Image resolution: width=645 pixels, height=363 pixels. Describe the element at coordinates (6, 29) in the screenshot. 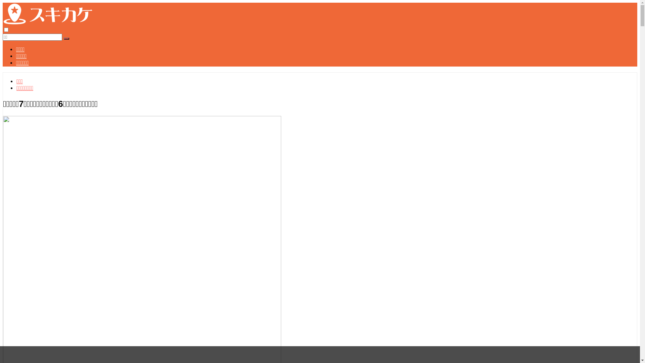

I see `'on'` at that location.